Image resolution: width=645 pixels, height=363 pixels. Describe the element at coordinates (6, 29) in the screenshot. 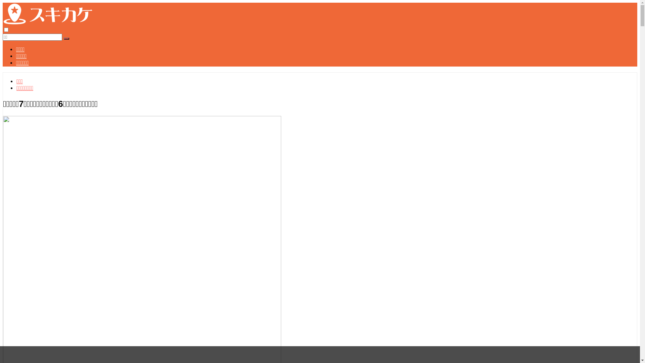

I see `'on'` at that location.